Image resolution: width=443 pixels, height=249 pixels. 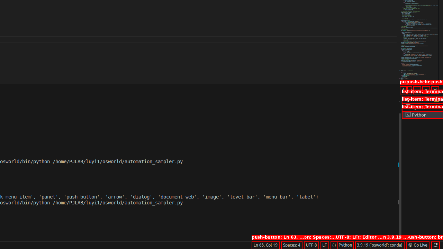 What do you see at coordinates (416, 90) in the screenshot?
I see `'Views and More Actions...'` at bounding box center [416, 90].